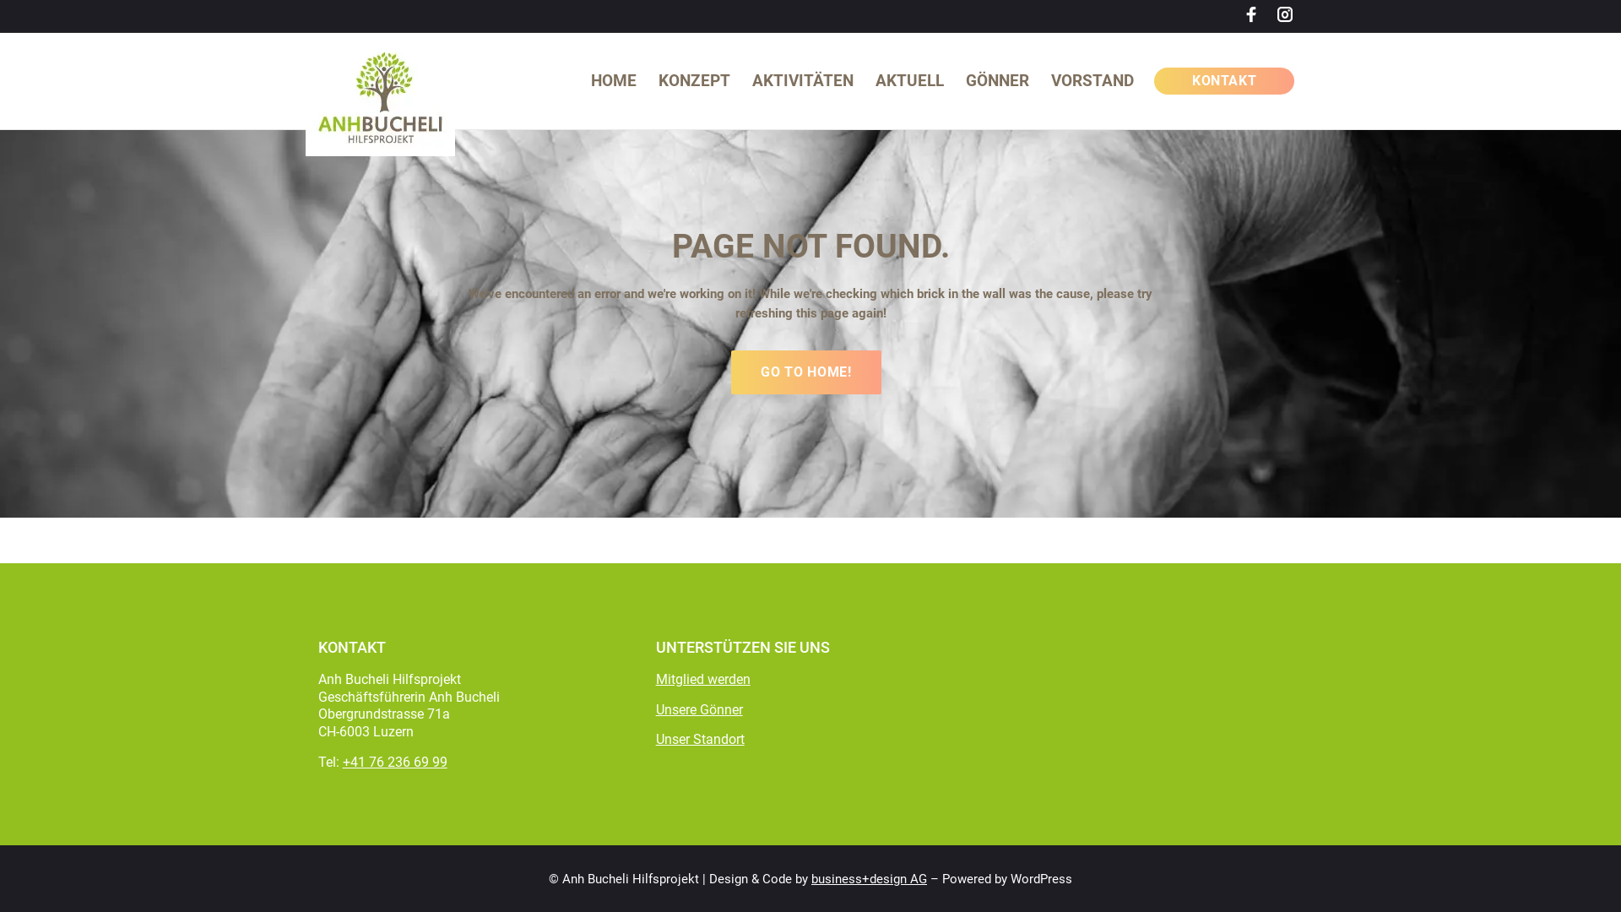 This screenshot has height=912, width=1621. Describe the element at coordinates (869, 878) in the screenshot. I see `'business+design AG'` at that location.